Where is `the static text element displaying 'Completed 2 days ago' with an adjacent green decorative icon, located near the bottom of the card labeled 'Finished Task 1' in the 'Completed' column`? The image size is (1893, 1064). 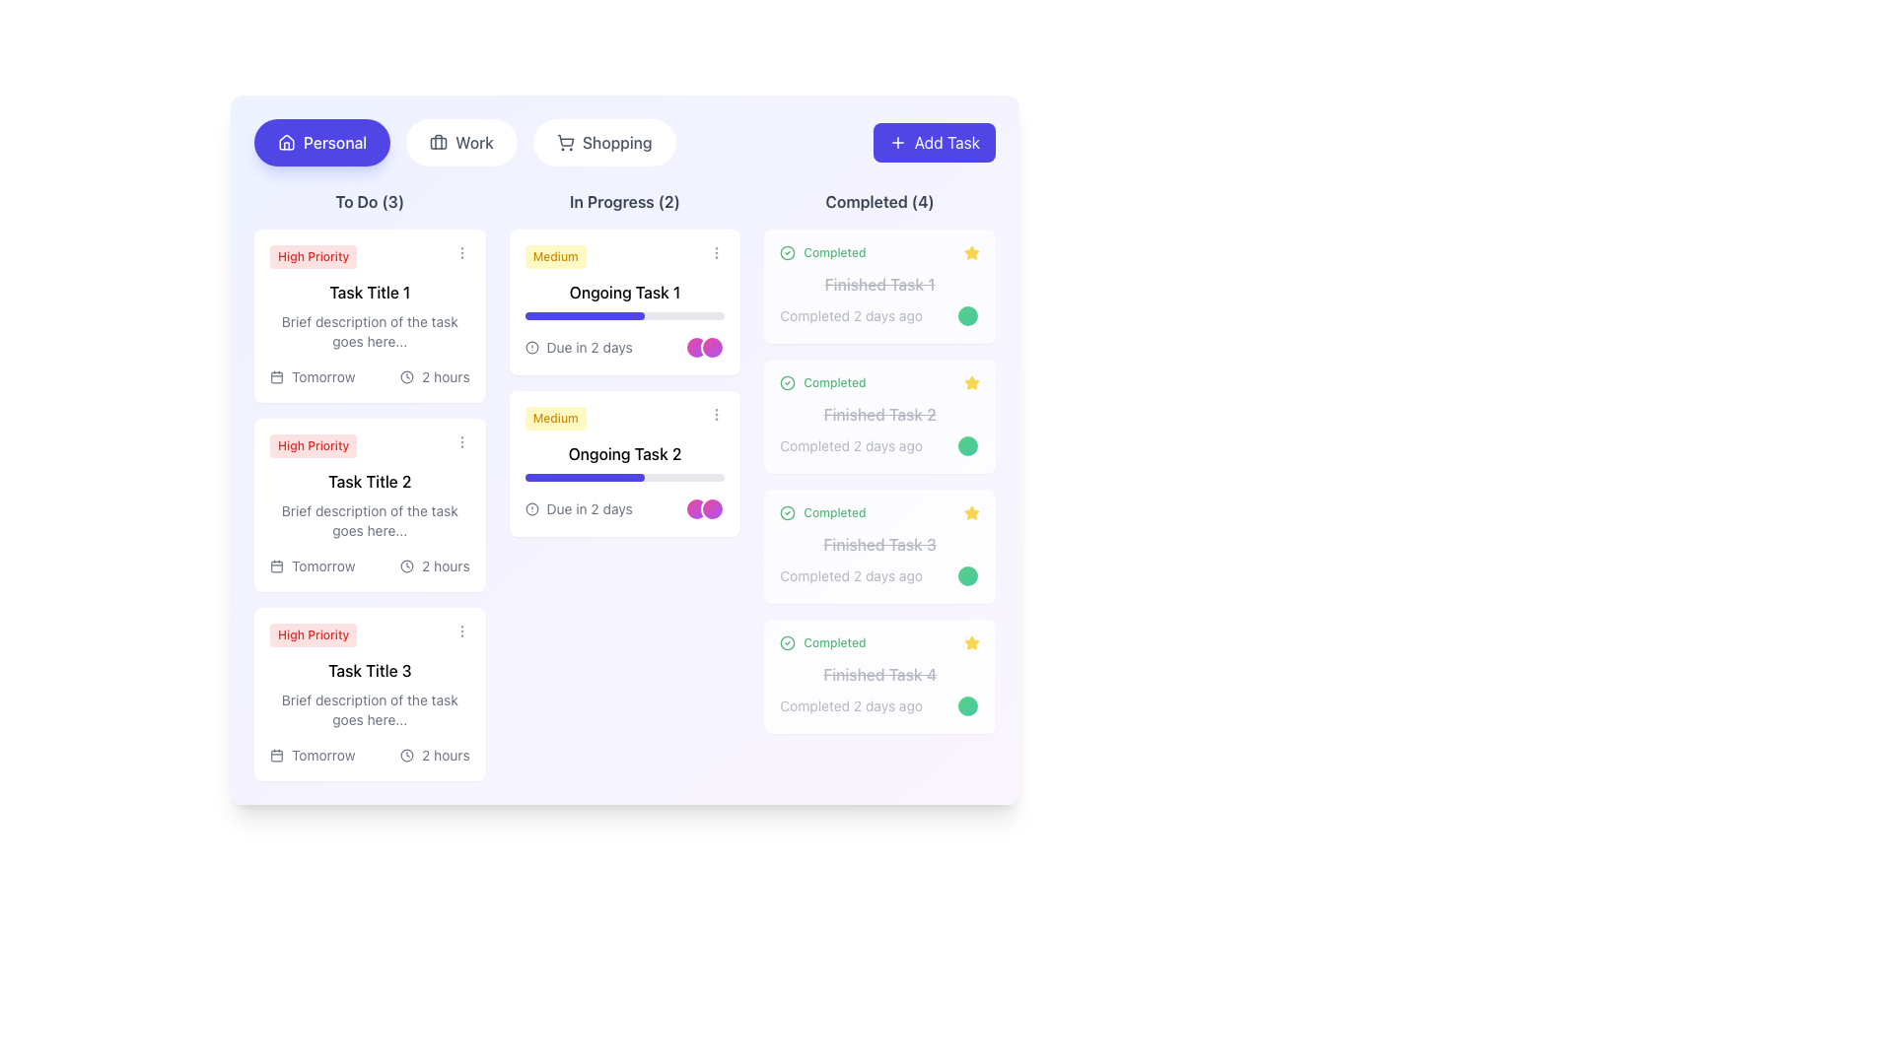 the static text element displaying 'Completed 2 days ago' with an adjacent green decorative icon, located near the bottom of the card labeled 'Finished Task 1' in the 'Completed' column is located at coordinates (878, 314).